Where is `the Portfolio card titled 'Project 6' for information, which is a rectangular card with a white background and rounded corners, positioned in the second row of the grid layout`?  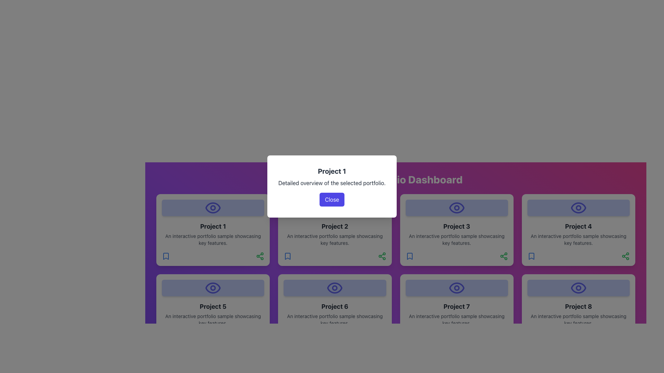
the Portfolio card titled 'Project 6' for information, which is a rectangular card with a white background and rounded corners, positioned in the second row of the grid layout is located at coordinates (335, 310).